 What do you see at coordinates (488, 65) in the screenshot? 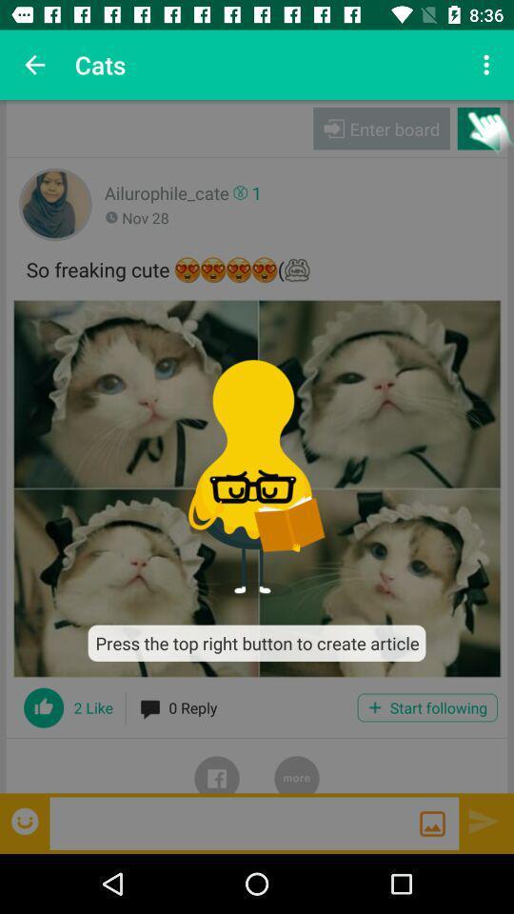
I see `the icon next to cats` at bounding box center [488, 65].